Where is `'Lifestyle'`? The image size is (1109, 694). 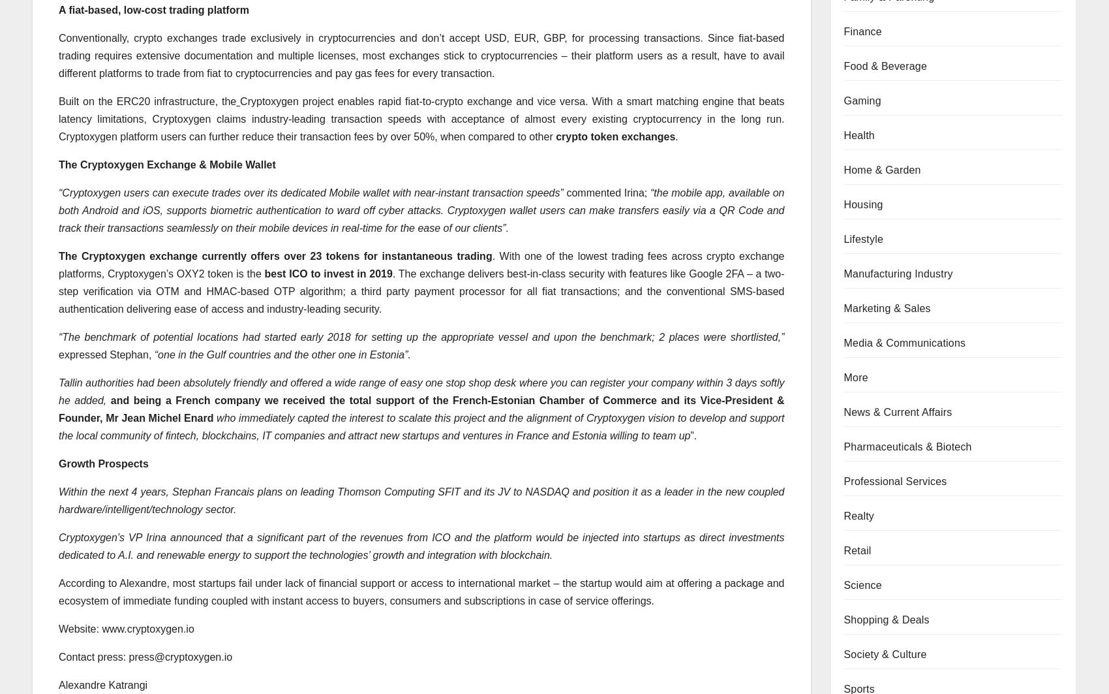
'Lifestyle' is located at coordinates (863, 238).